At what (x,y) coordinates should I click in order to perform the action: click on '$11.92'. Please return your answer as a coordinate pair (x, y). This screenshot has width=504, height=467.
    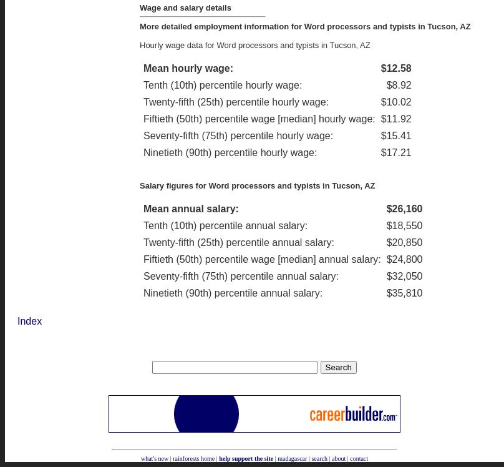
    Looking at the image, I should click on (395, 118).